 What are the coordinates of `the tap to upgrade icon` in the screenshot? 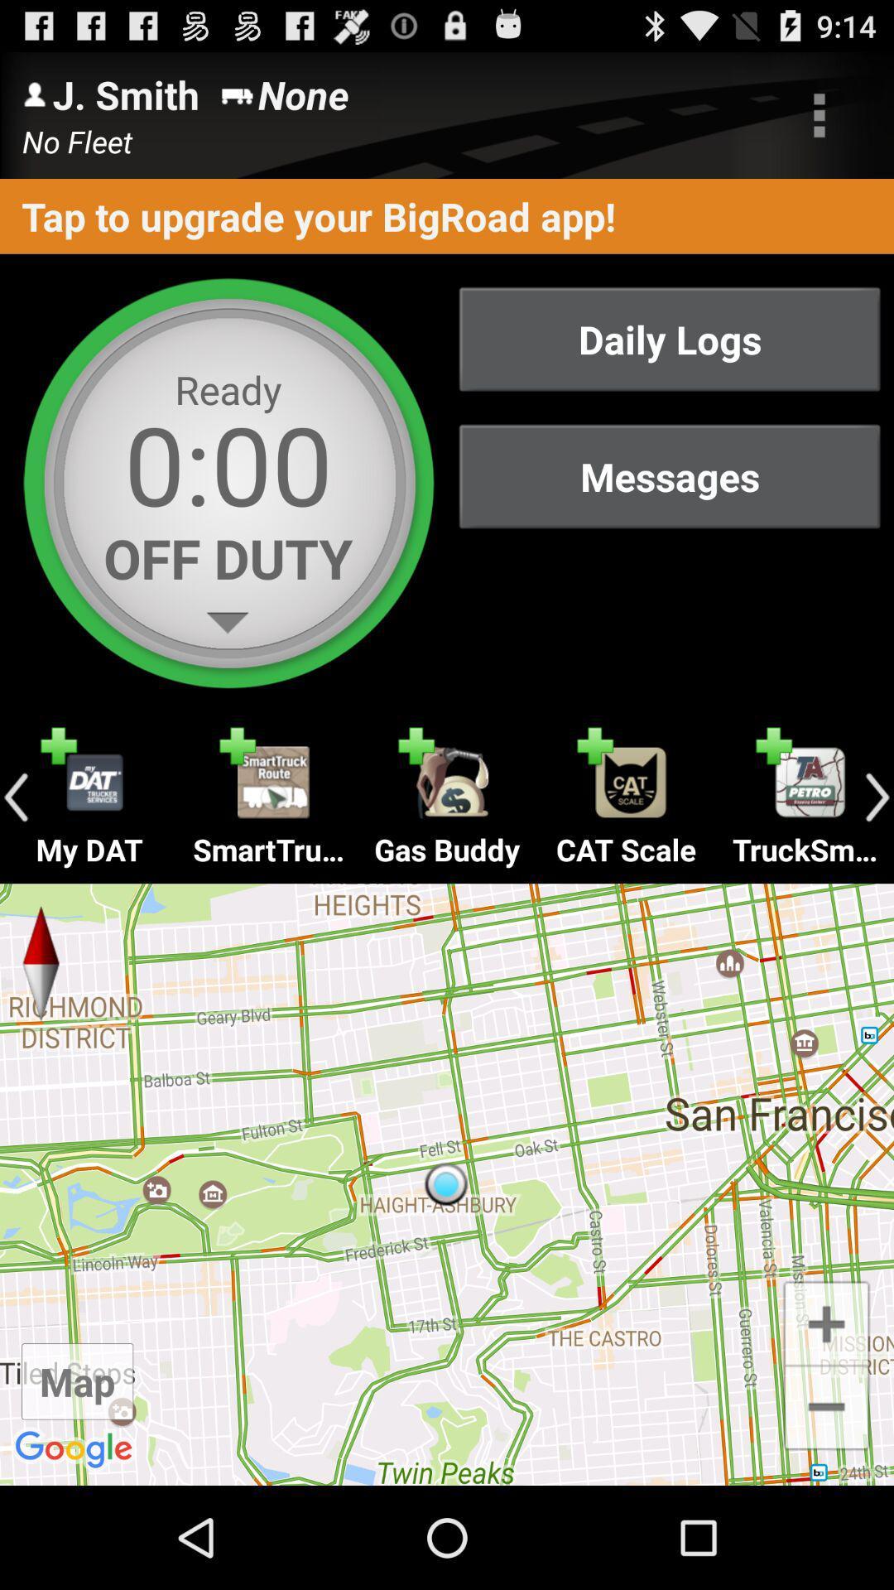 It's located at (447, 215).